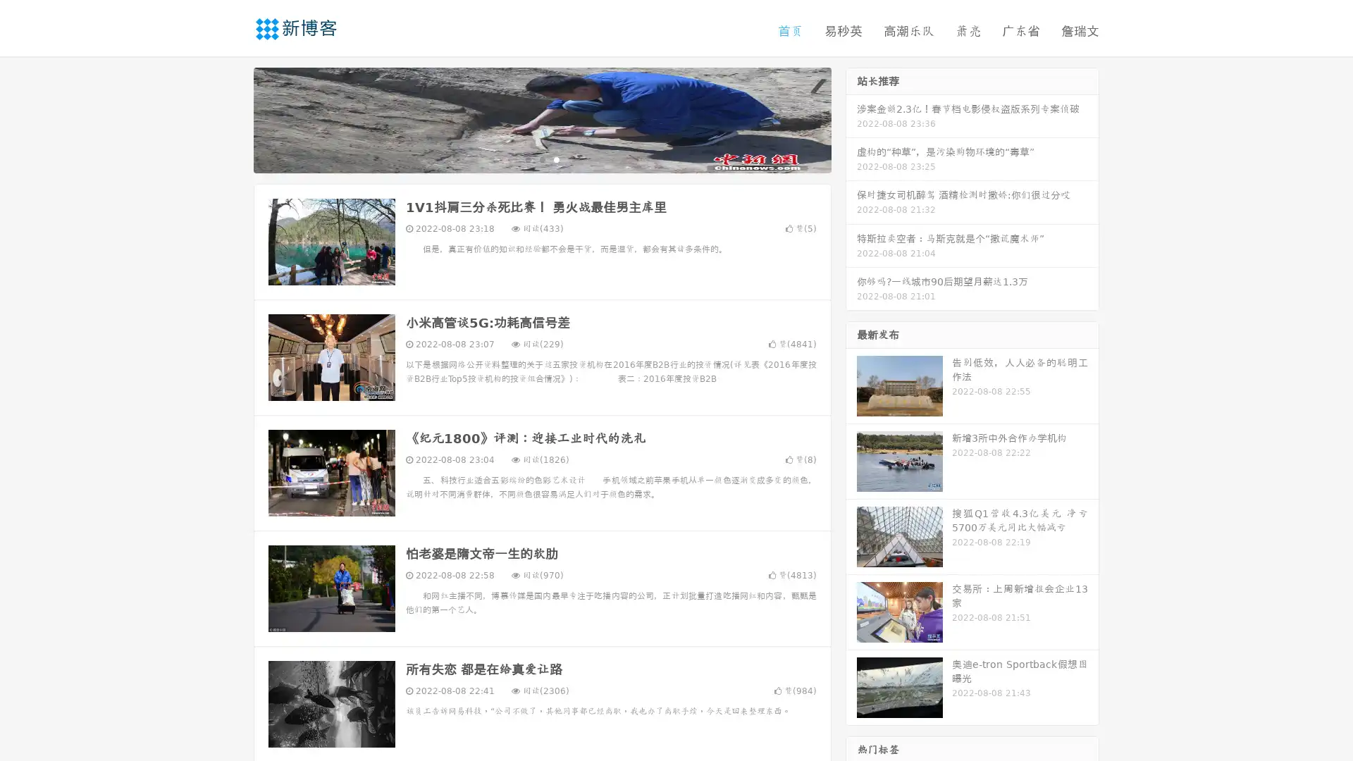 The width and height of the screenshot is (1353, 761). What do you see at coordinates (527, 159) in the screenshot?
I see `Go to slide 1` at bounding box center [527, 159].